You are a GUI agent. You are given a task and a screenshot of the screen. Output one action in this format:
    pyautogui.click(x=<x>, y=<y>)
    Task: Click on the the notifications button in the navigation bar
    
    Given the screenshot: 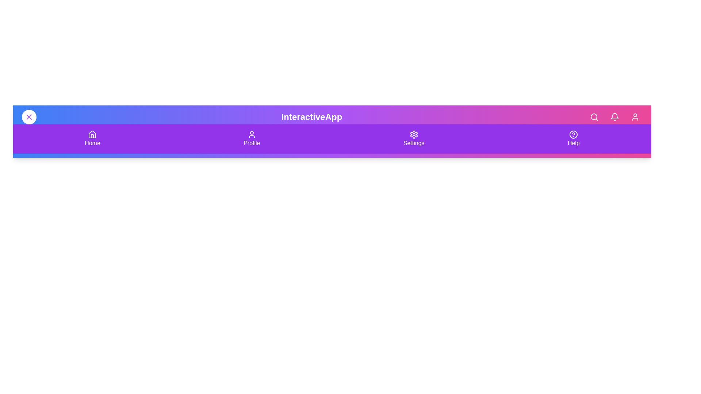 What is the action you would take?
    pyautogui.click(x=614, y=116)
    